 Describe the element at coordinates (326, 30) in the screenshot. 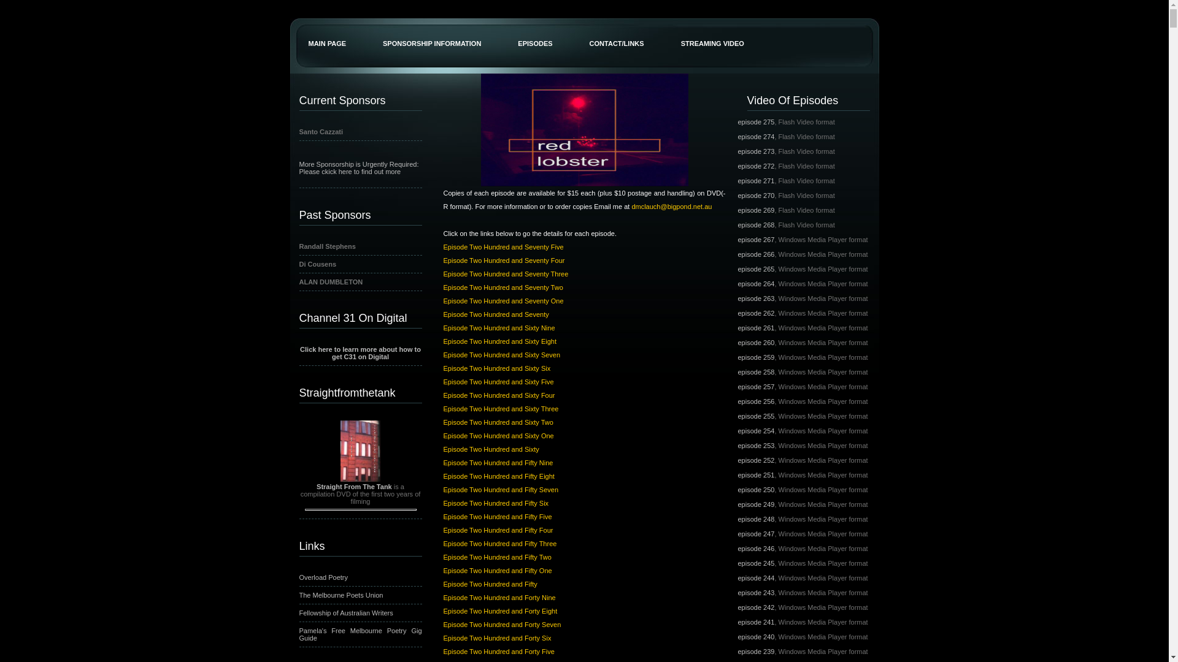

I see `'MAIN PAGE'` at that location.